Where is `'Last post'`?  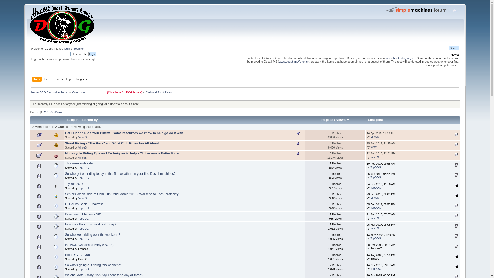 'Last post' is located at coordinates (456, 256).